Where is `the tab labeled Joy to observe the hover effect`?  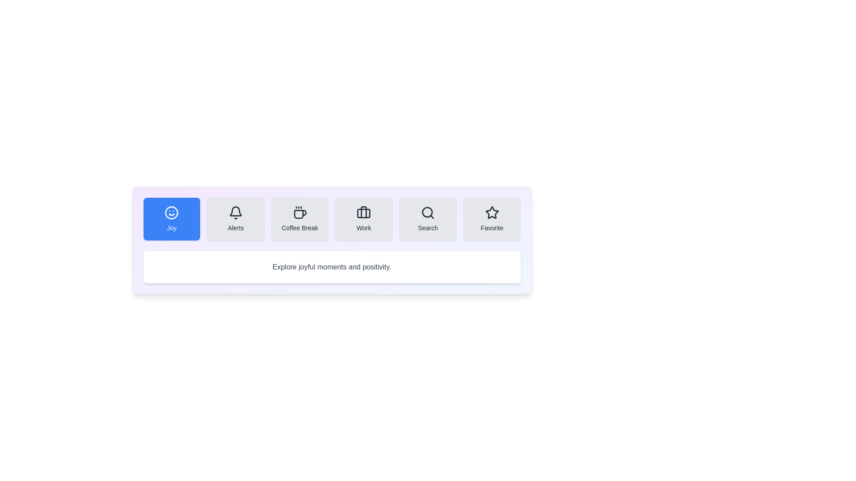
the tab labeled Joy to observe the hover effect is located at coordinates (171, 219).